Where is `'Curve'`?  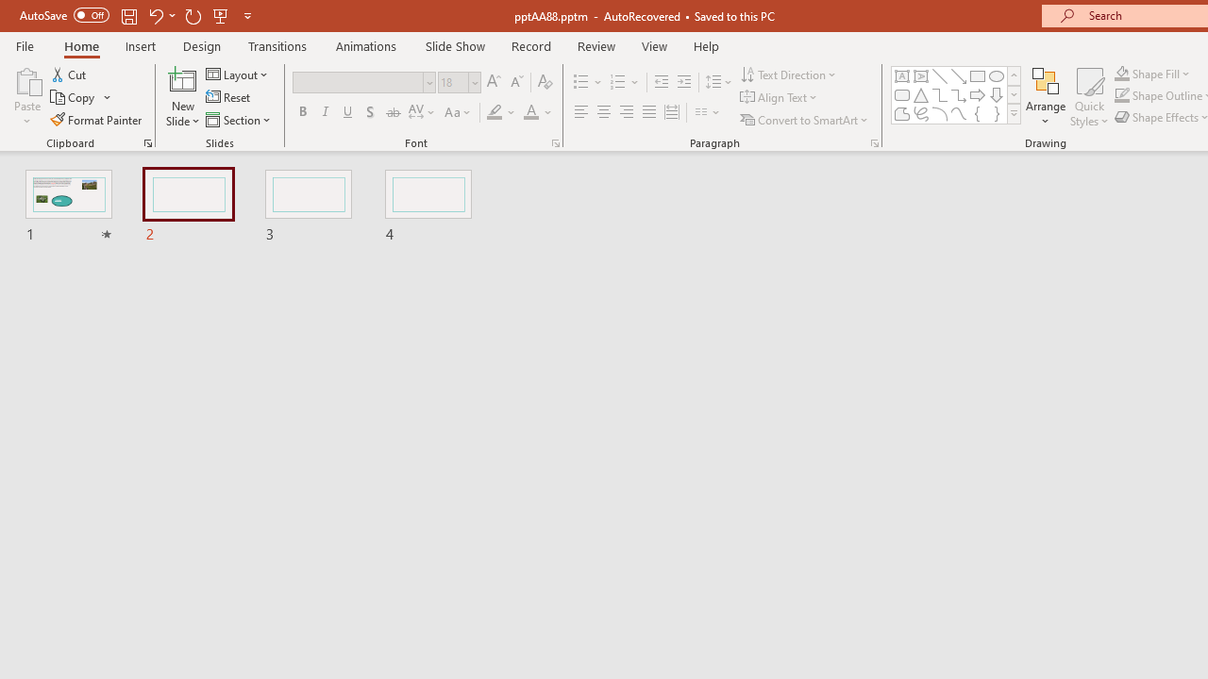
'Curve' is located at coordinates (959, 113).